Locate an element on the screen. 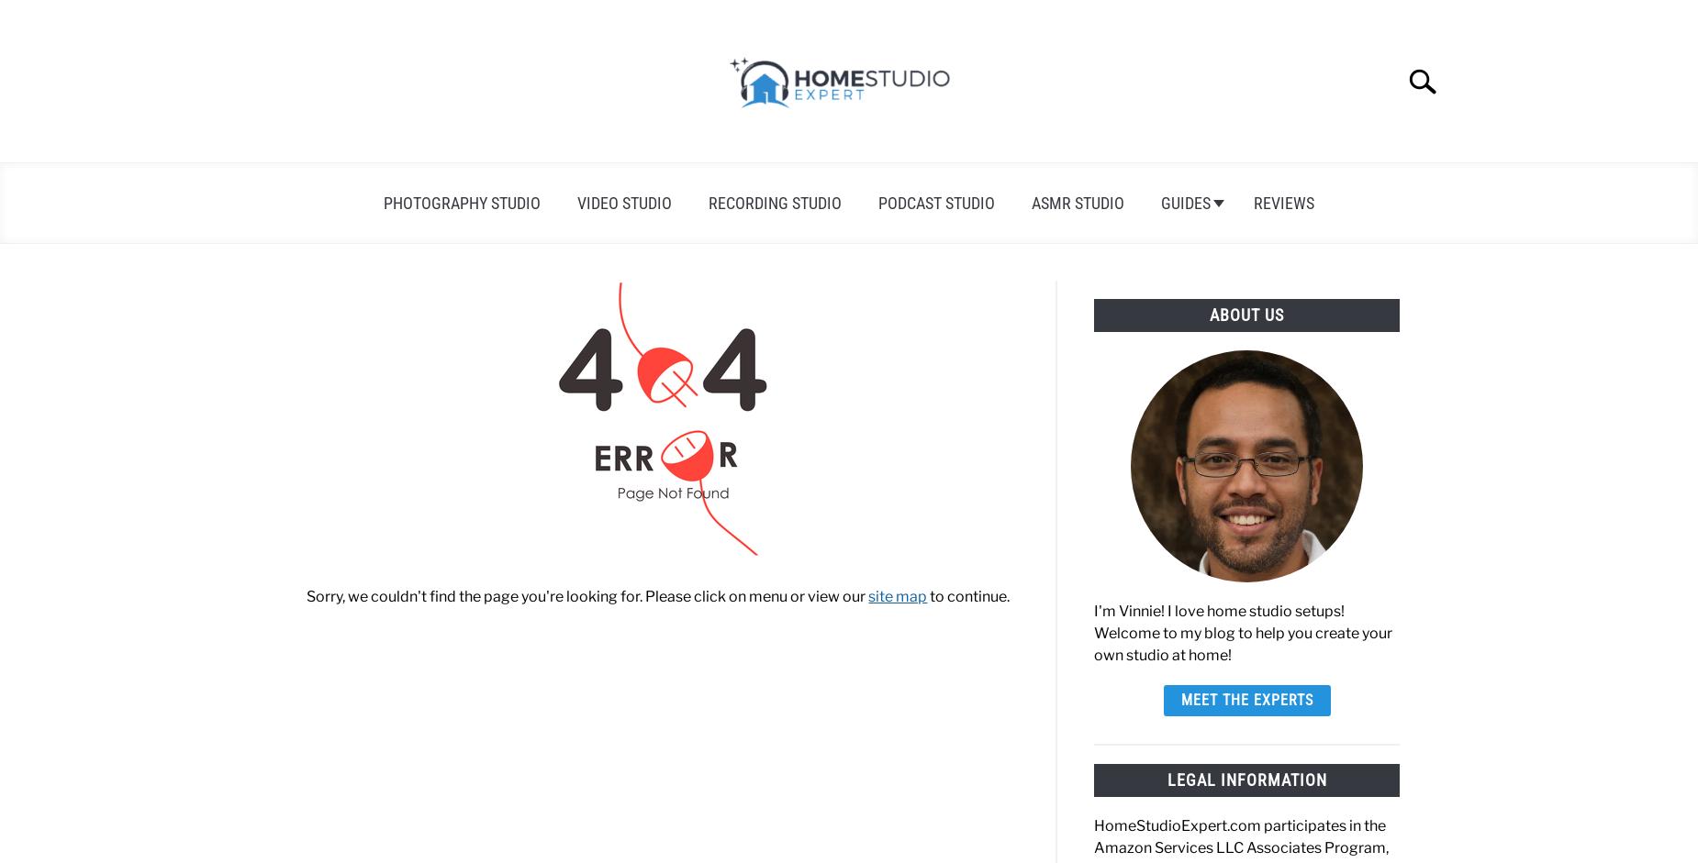  'Reviews' is located at coordinates (1253, 202).